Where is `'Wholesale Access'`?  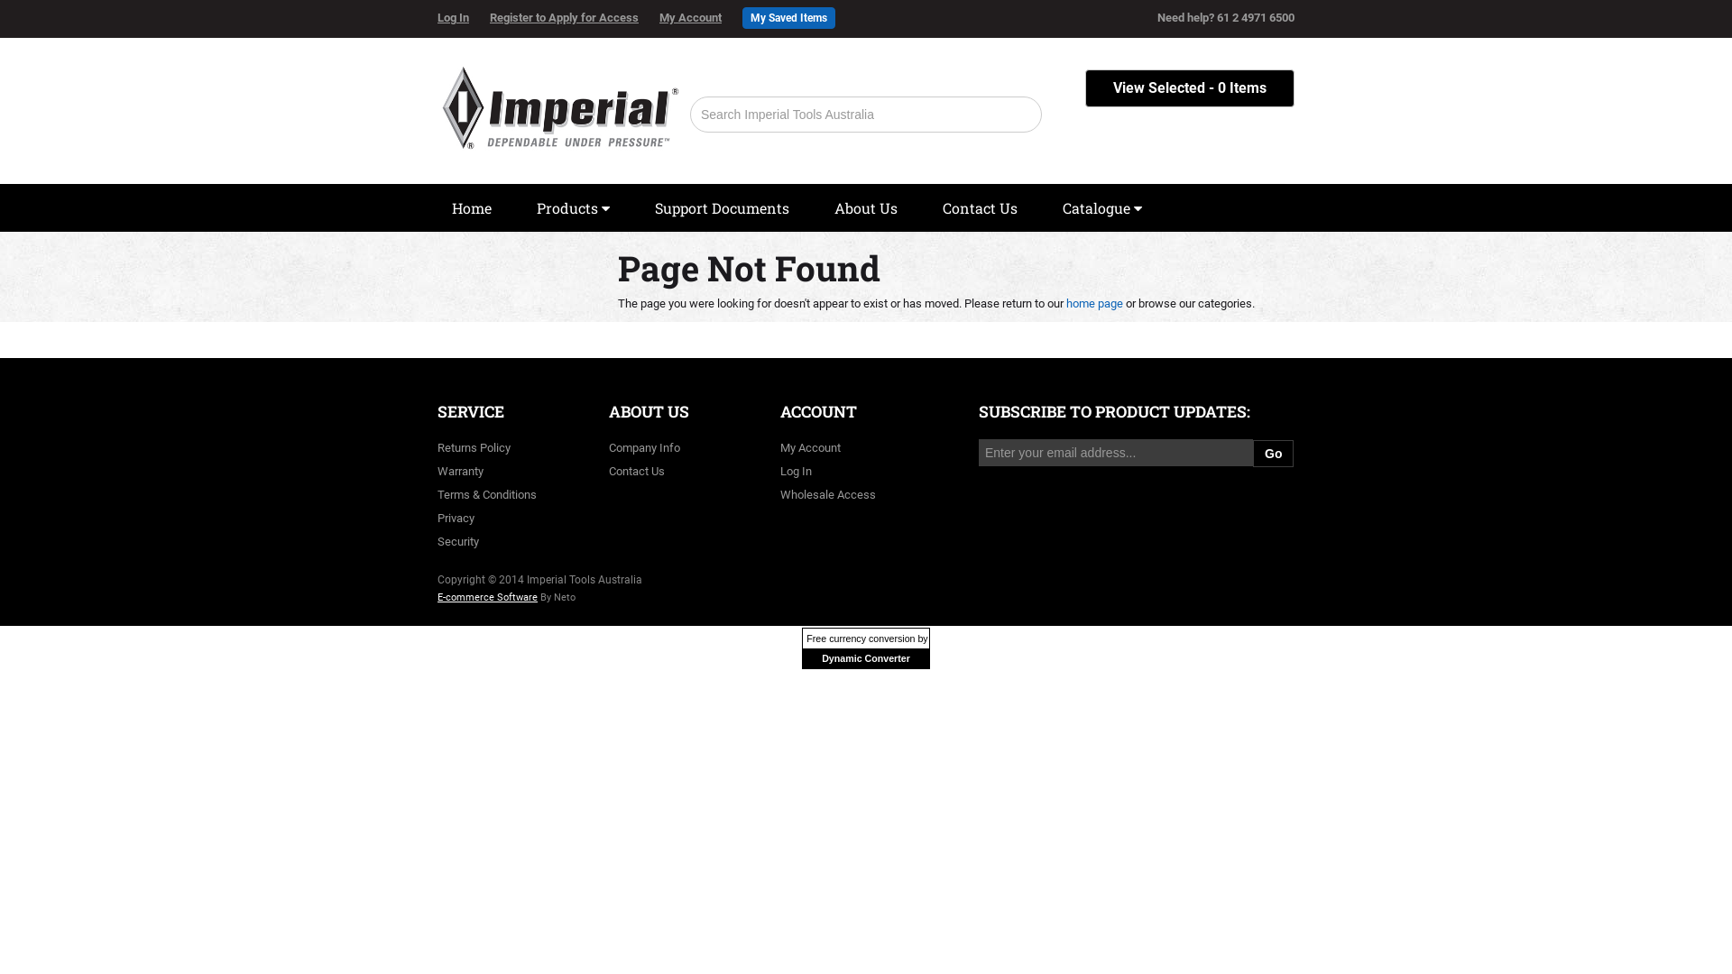
'Wholesale Access' is located at coordinates (826, 494).